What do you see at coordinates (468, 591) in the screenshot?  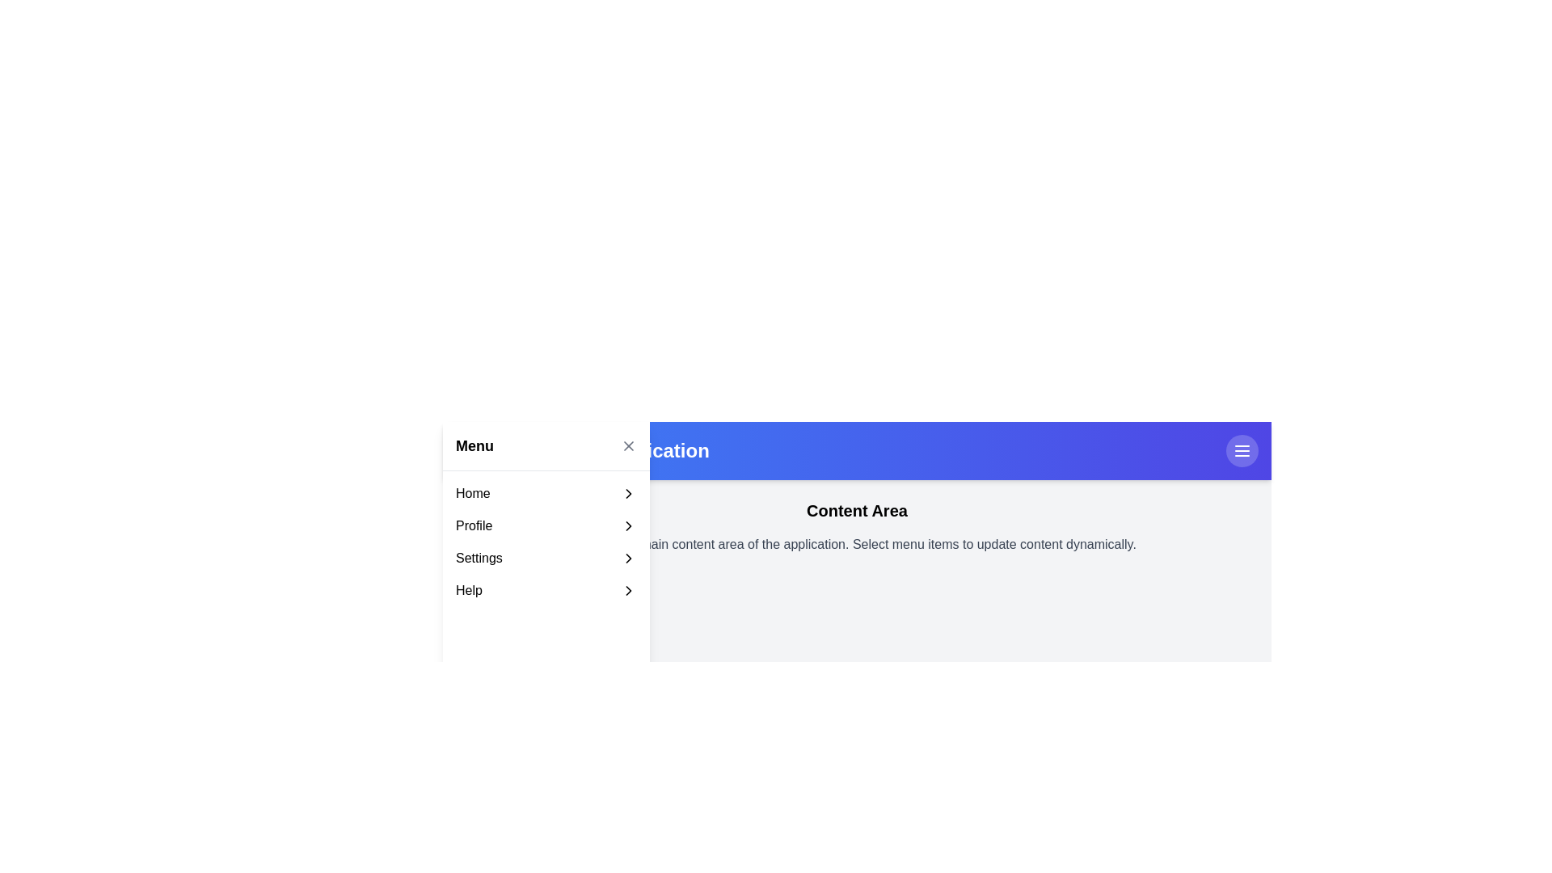 I see `the 'Help' text label element located in the fourth menu item of the vertical sidebar list` at bounding box center [468, 591].